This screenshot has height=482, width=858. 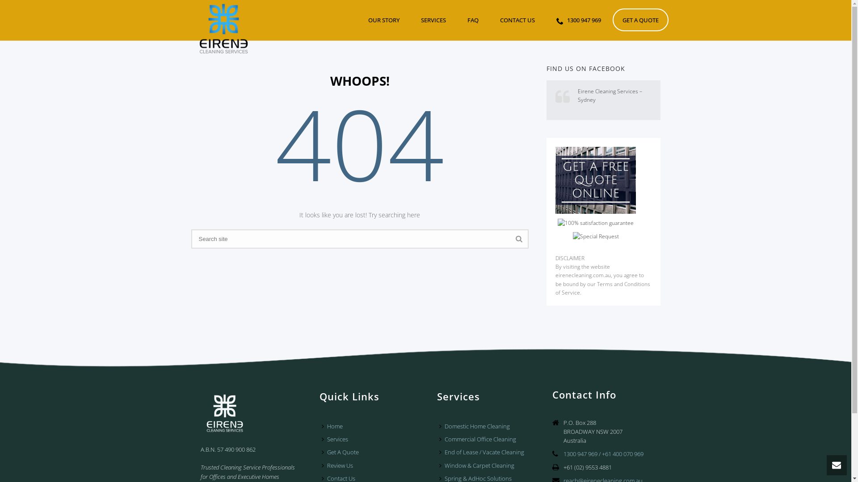 I want to click on 'OUR STORY', so click(x=384, y=20).